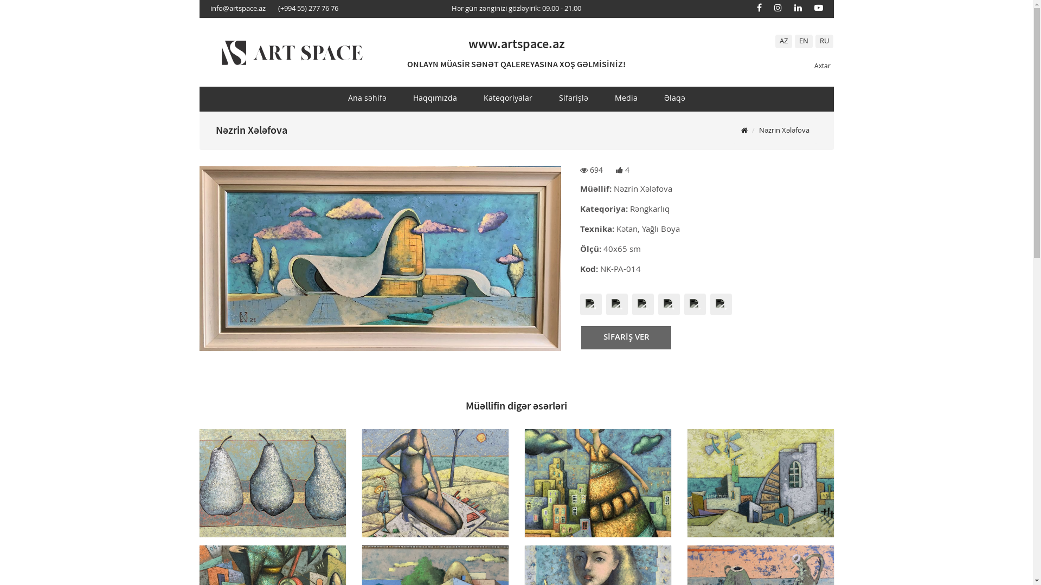  I want to click on 'Axtar', so click(818, 67).